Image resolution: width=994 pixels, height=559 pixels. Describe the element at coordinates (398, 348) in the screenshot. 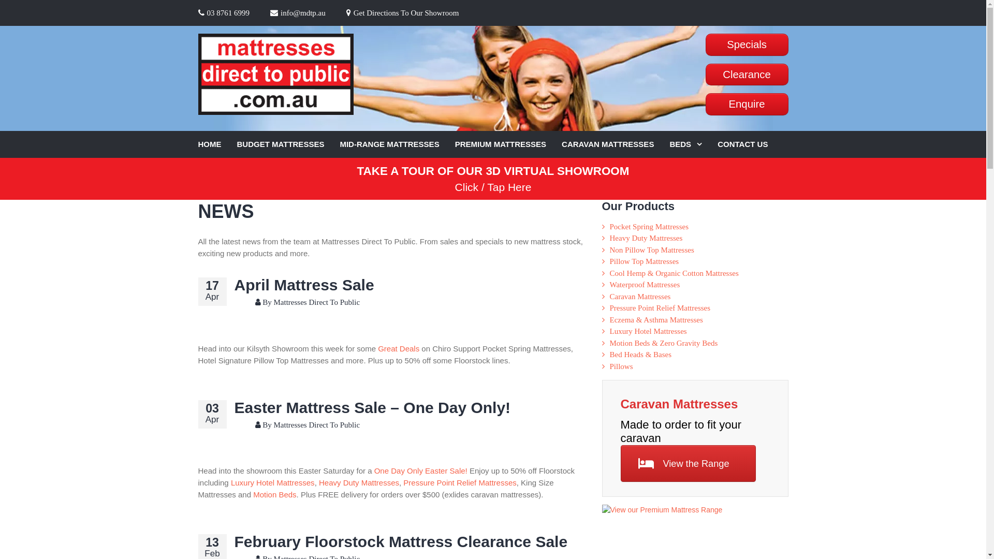

I see `'Great Deals'` at that location.